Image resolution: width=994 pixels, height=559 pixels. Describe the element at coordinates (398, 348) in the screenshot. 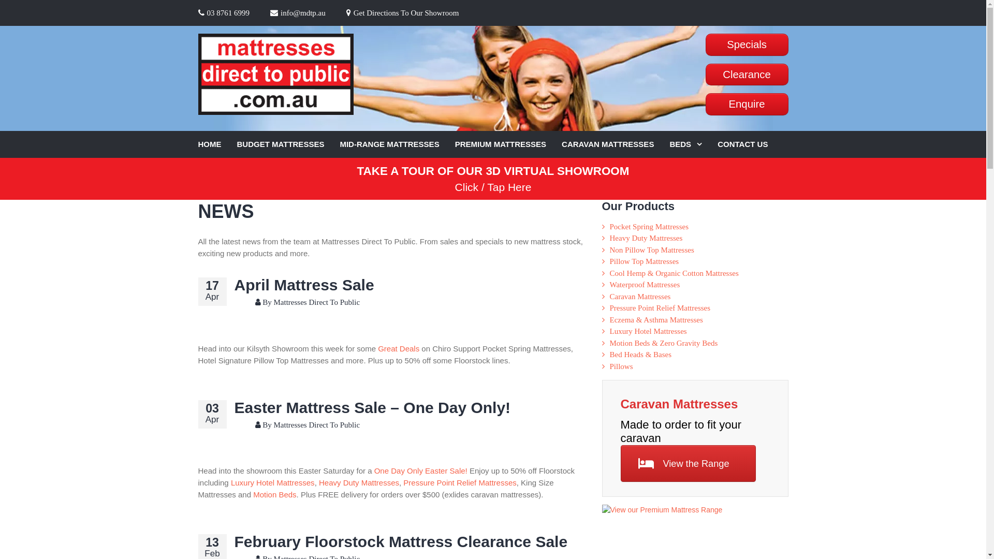

I see `'Great Deals'` at that location.